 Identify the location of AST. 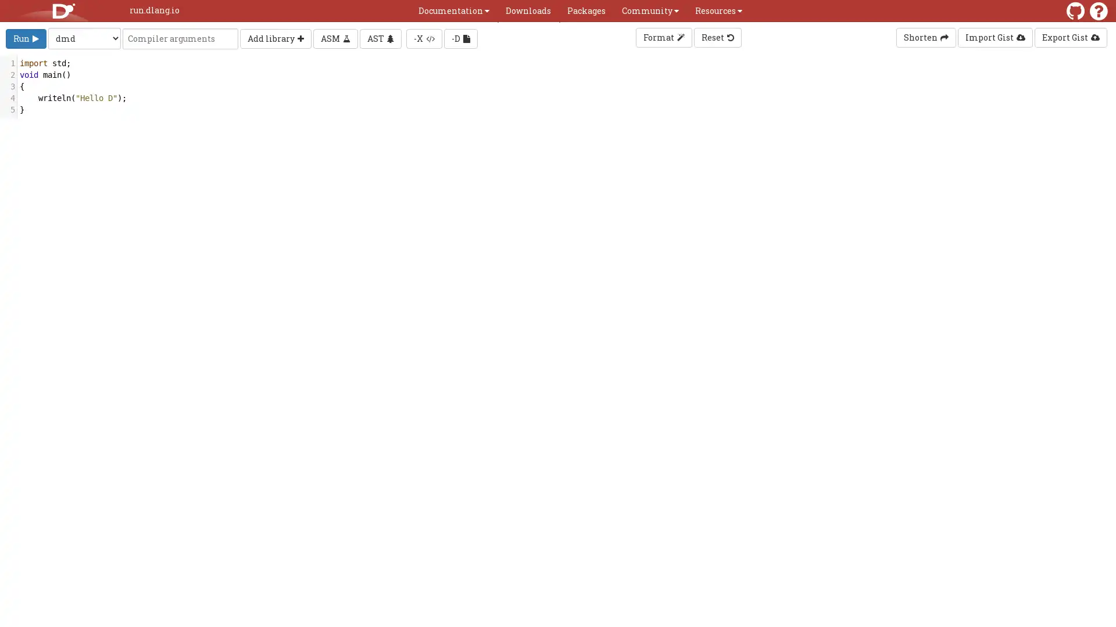
(380, 37).